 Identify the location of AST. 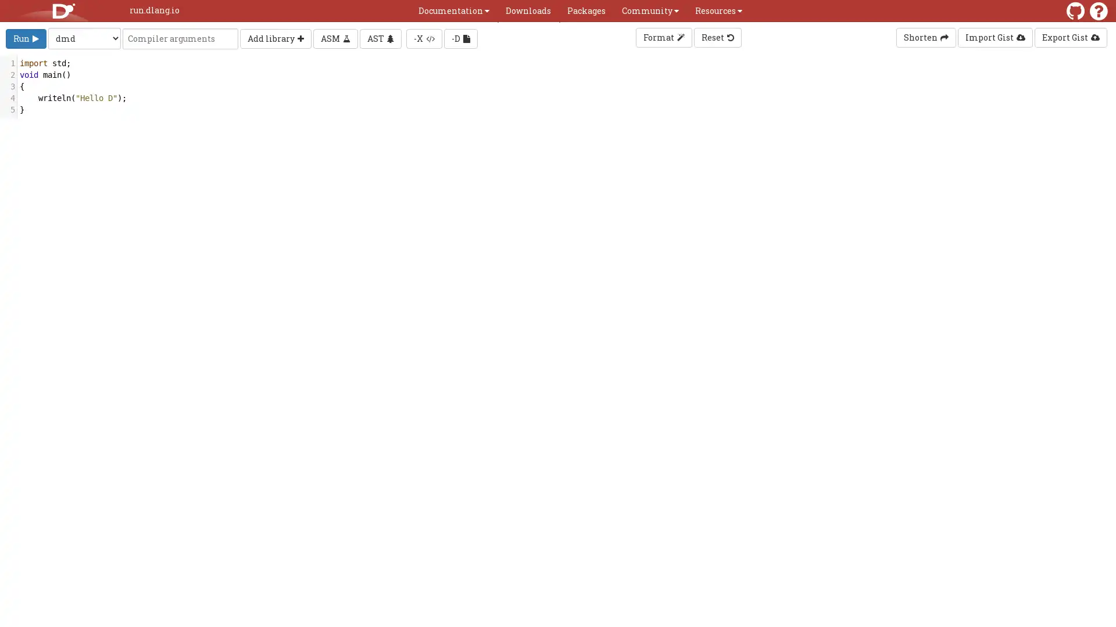
(380, 37).